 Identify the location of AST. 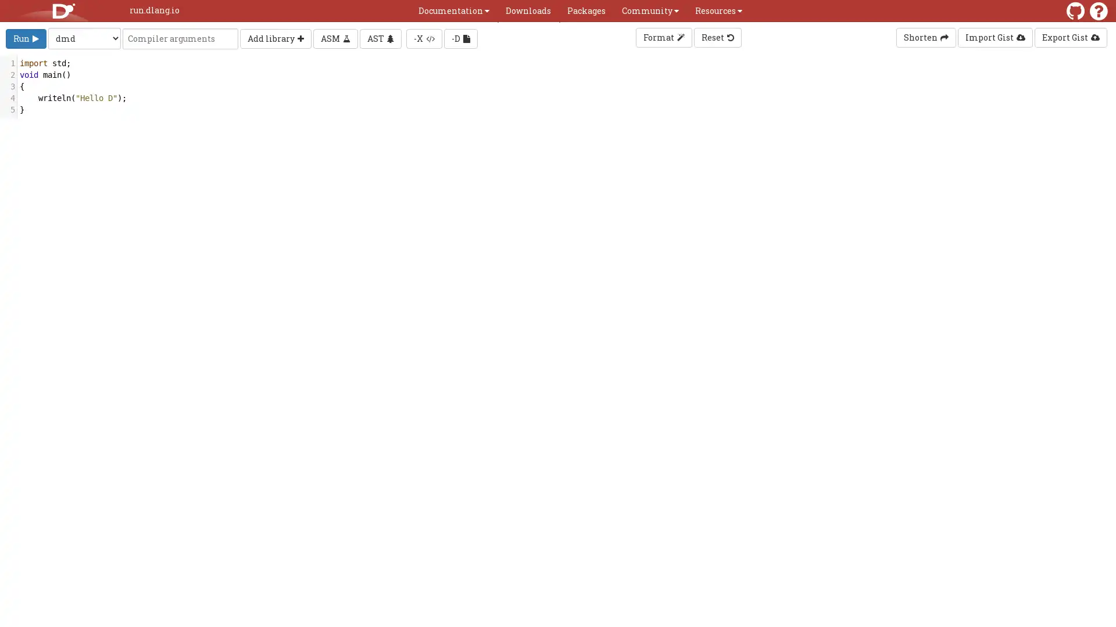
(380, 37).